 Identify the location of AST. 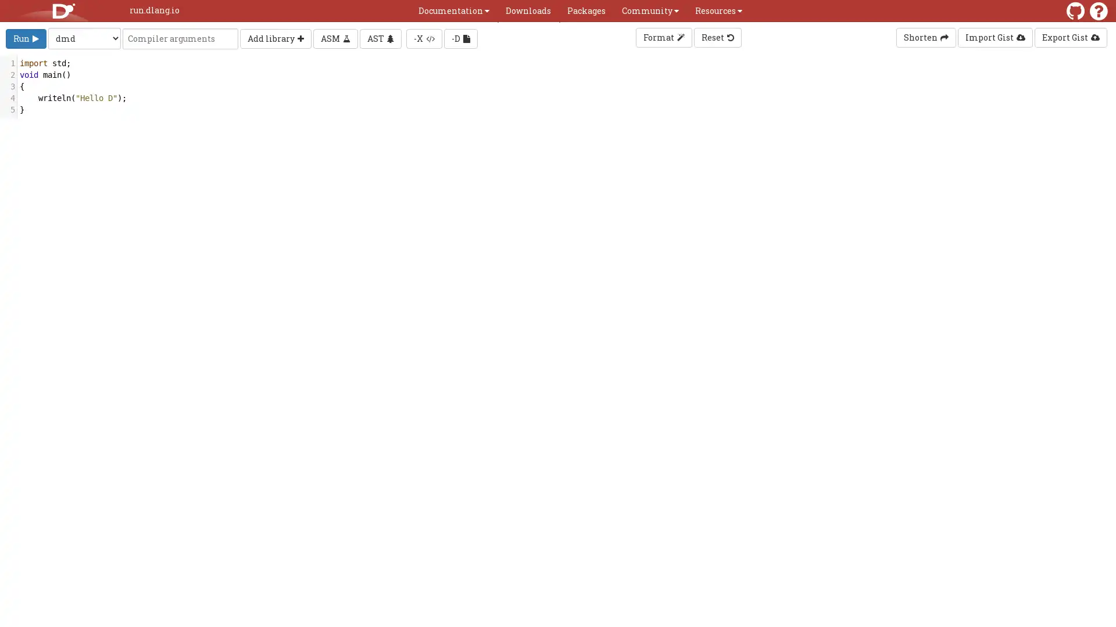
(380, 37).